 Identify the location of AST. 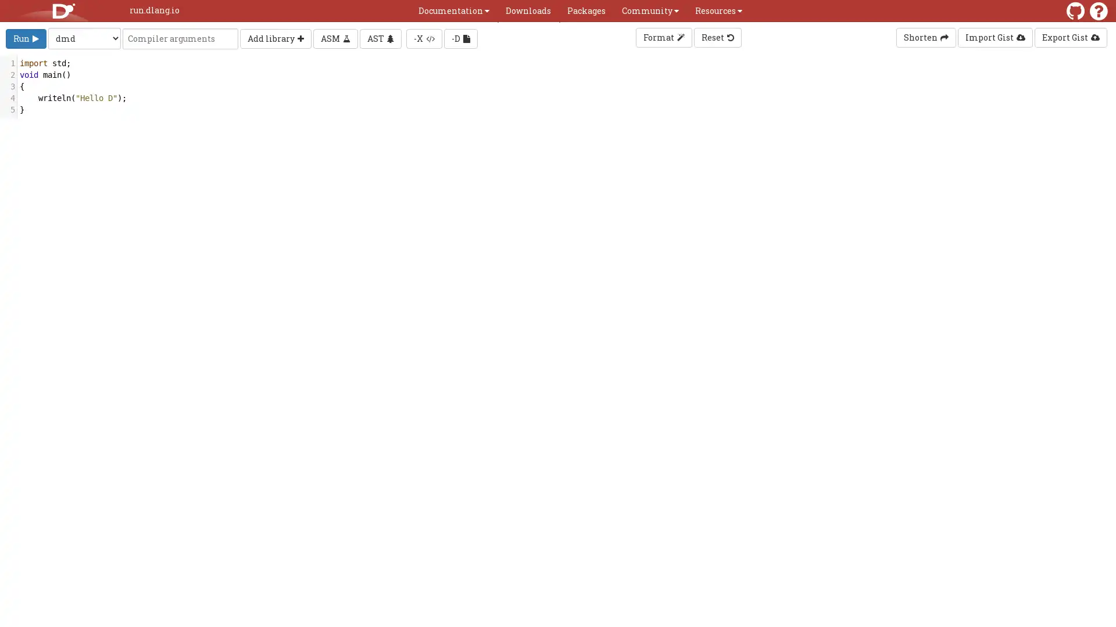
(380, 37).